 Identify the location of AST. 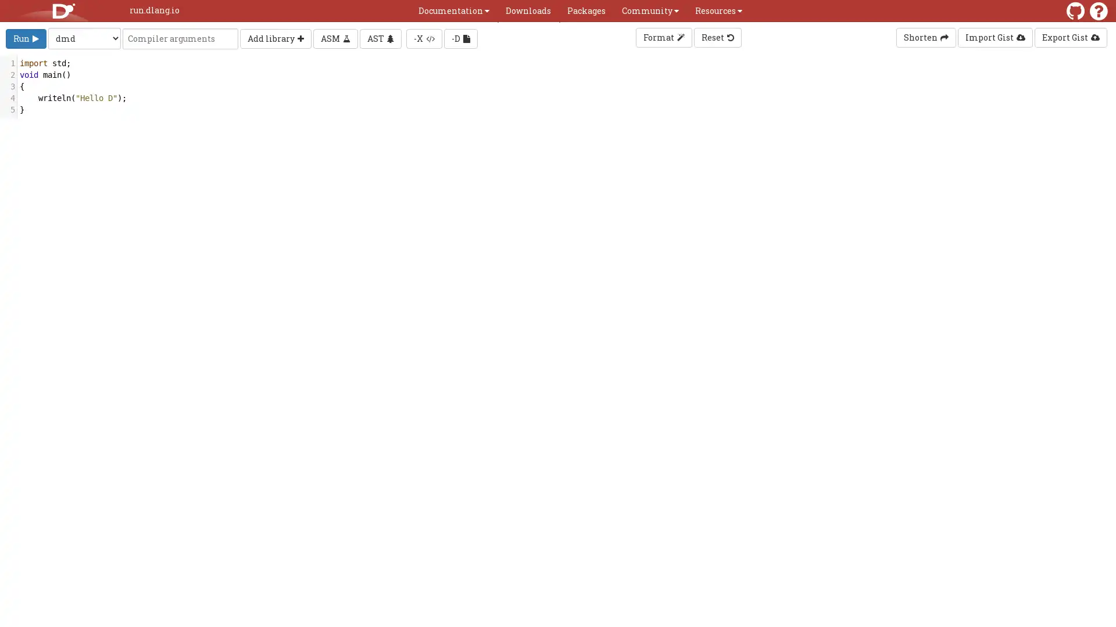
(380, 37).